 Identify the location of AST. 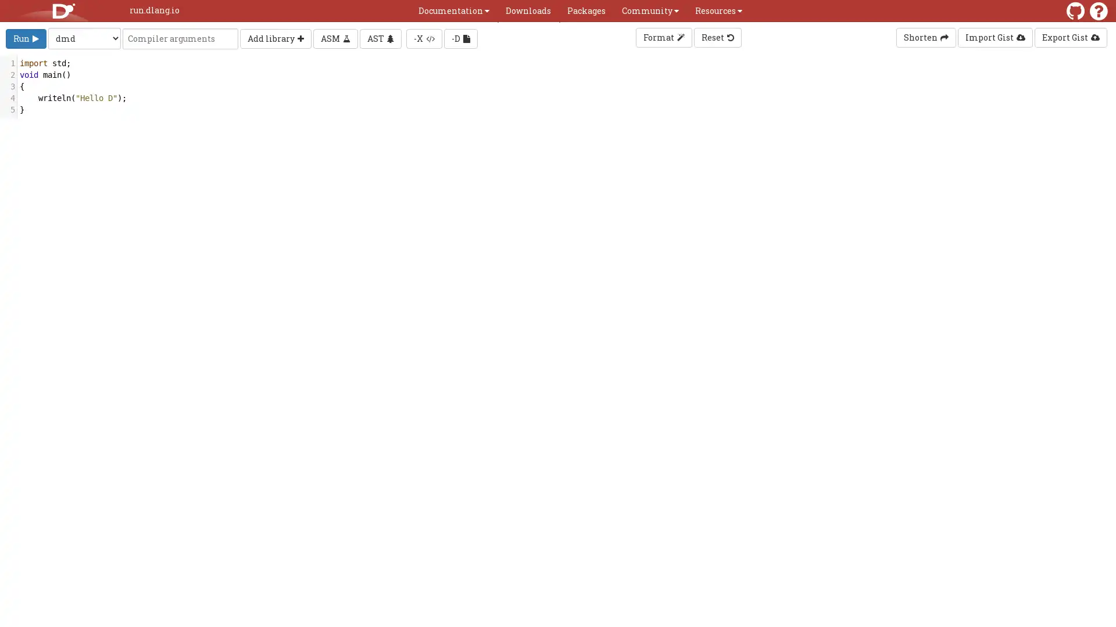
(380, 37).